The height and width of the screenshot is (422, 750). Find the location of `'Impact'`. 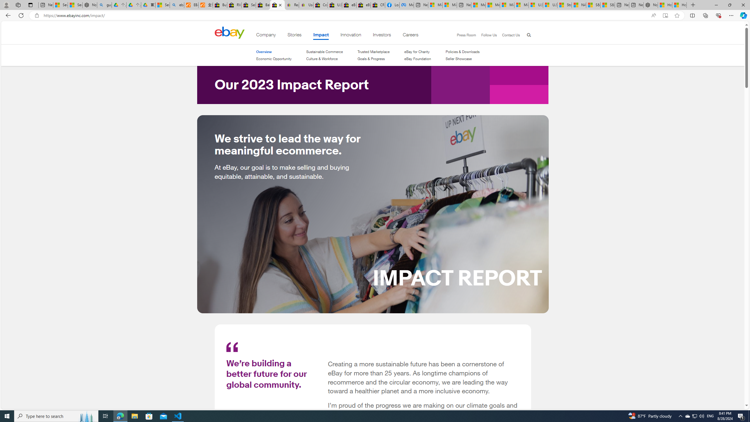

'Impact' is located at coordinates (321, 36).